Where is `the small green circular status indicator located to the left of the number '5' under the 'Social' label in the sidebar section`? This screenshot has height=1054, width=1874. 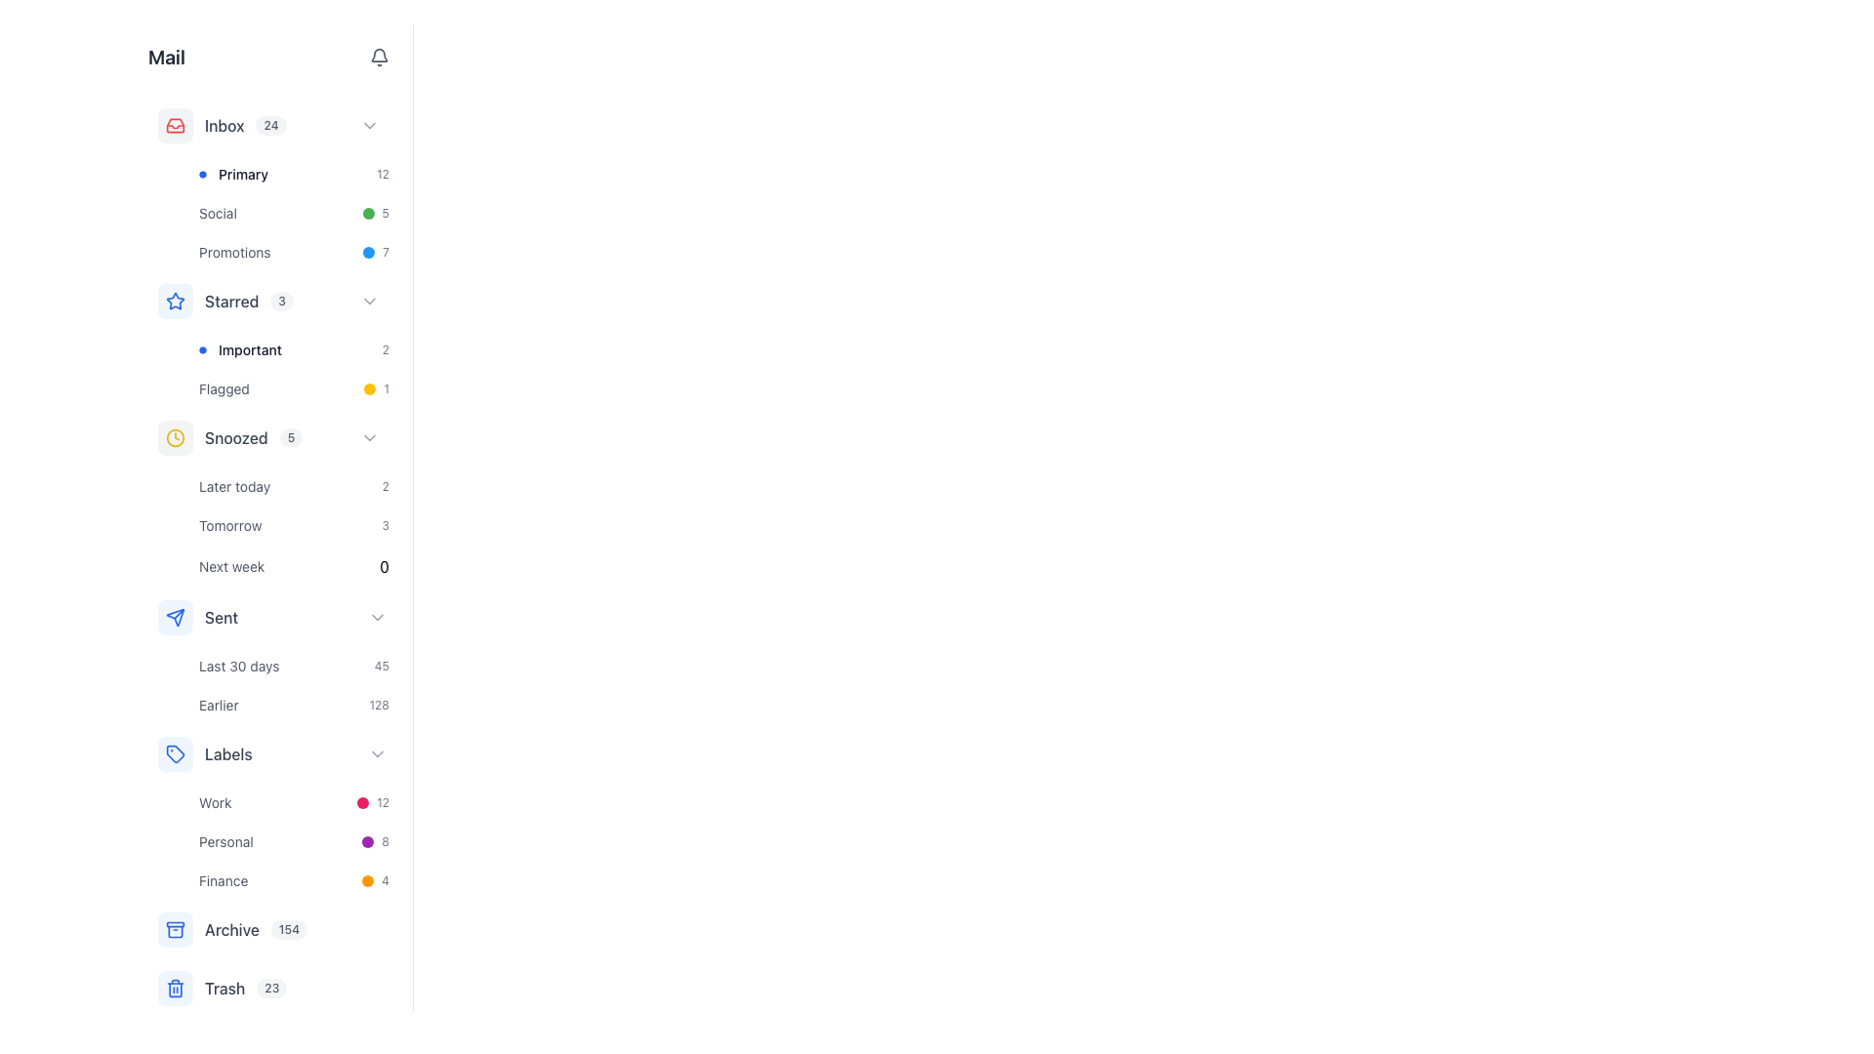 the small green circular status indicator located to the left of the number '5' under the 'Social' label in the sidebar section is located at coordinates (368, 214).